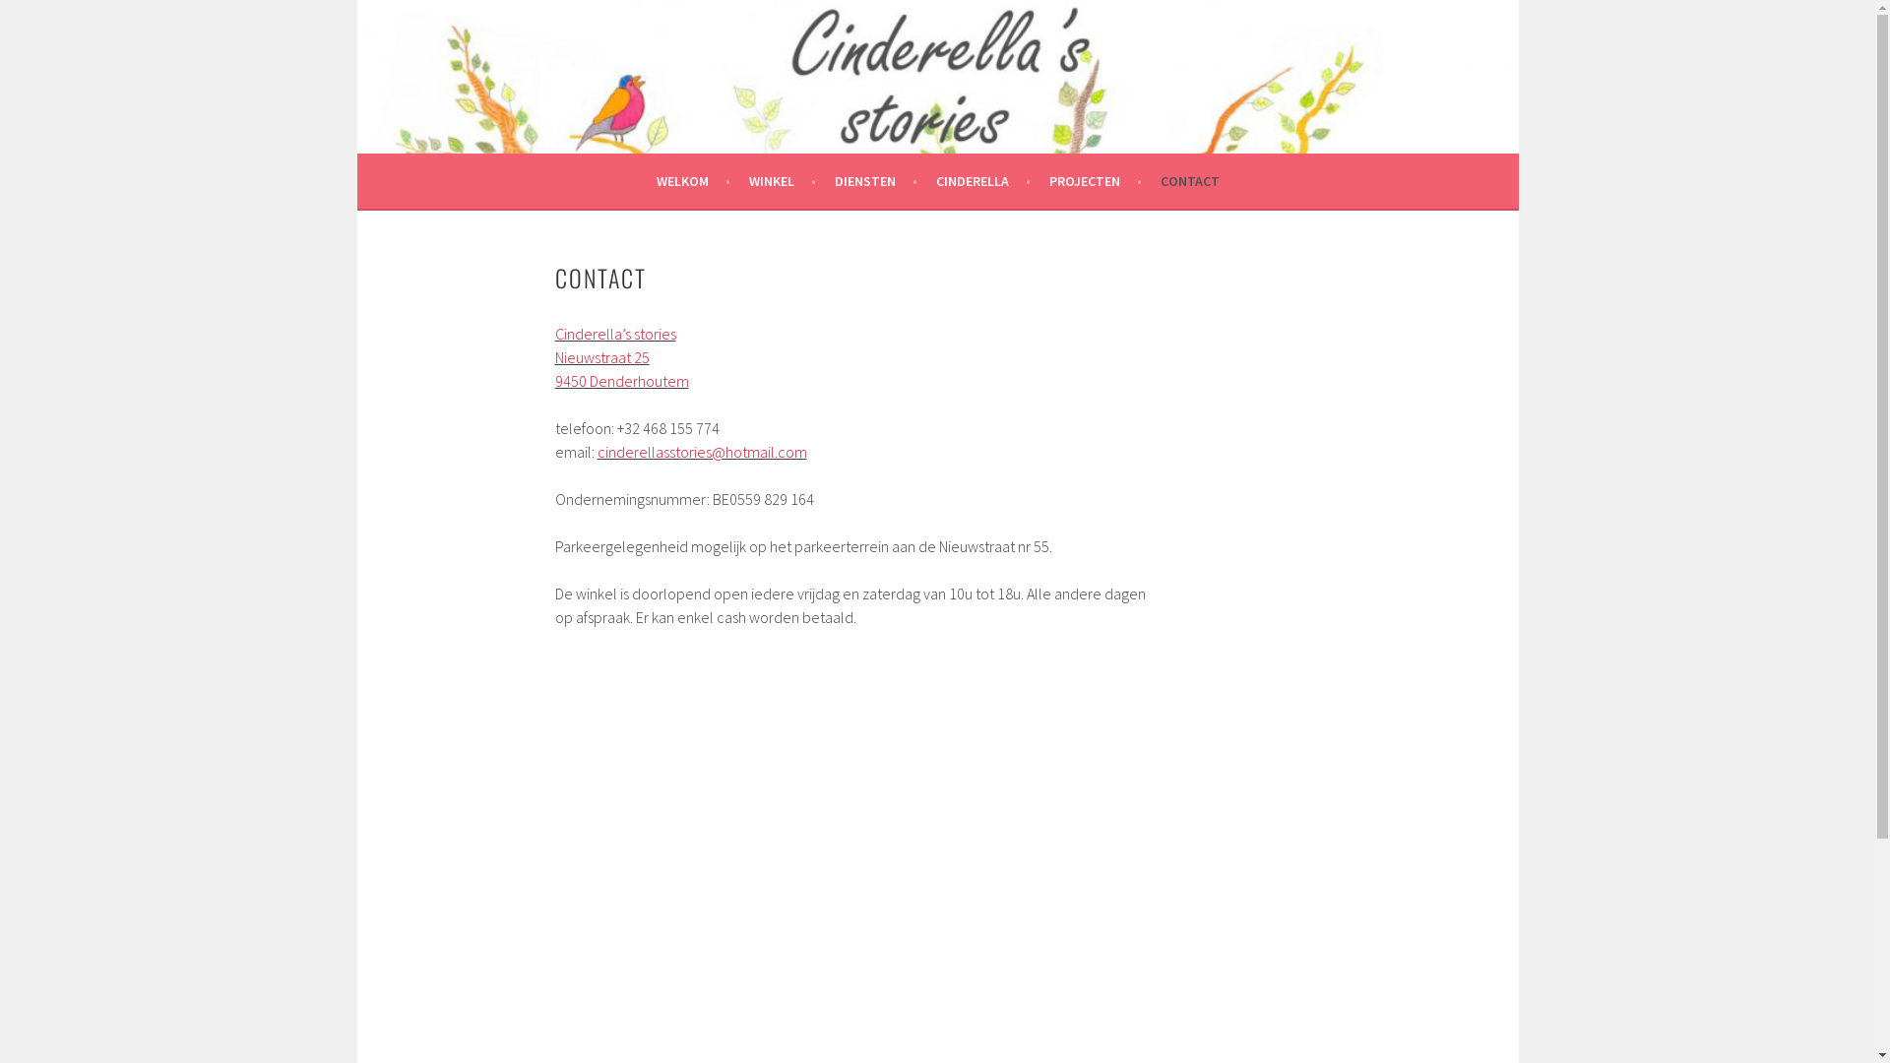  I want to click on 'CINDERELLA', so click(934, 181).